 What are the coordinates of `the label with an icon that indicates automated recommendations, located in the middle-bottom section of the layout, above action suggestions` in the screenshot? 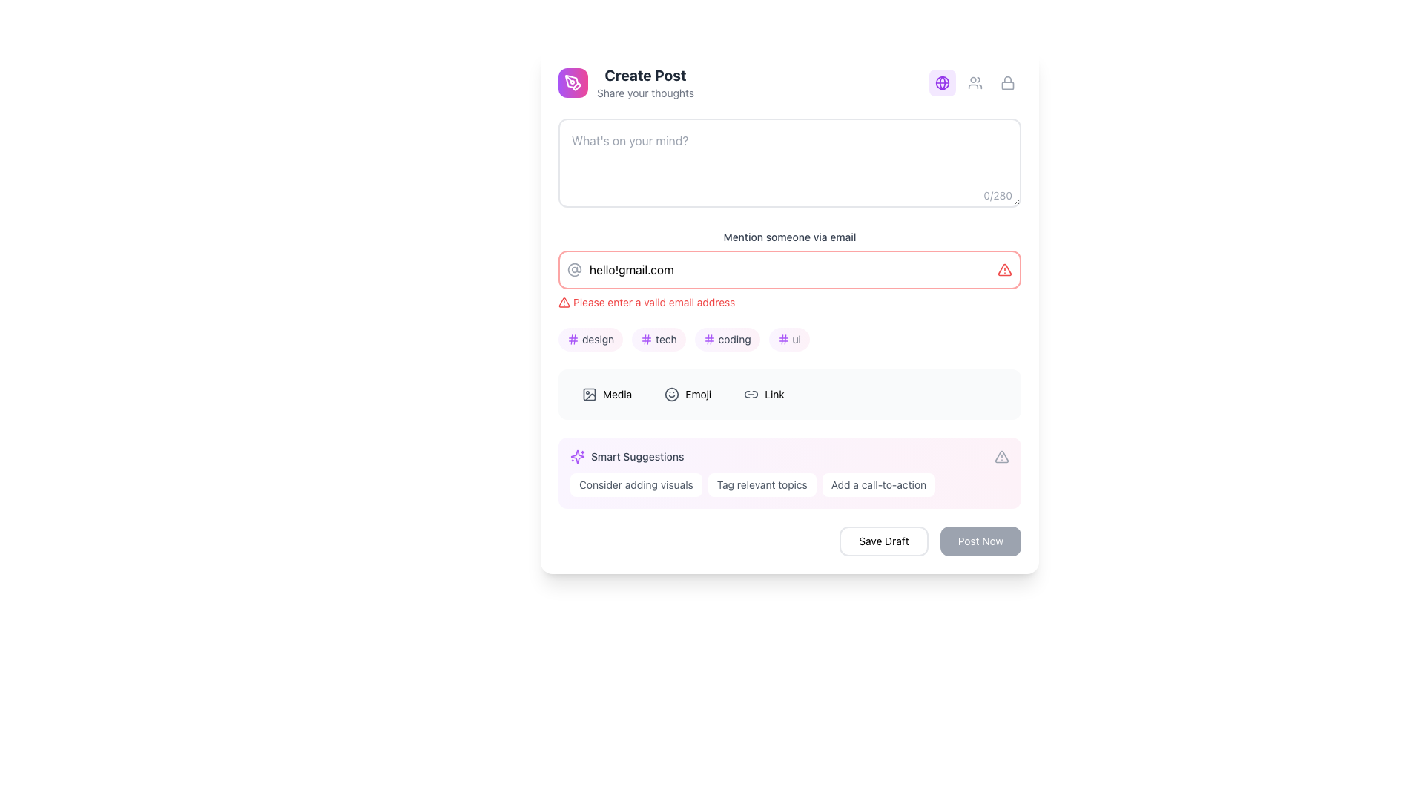 It's located at (627, 456).